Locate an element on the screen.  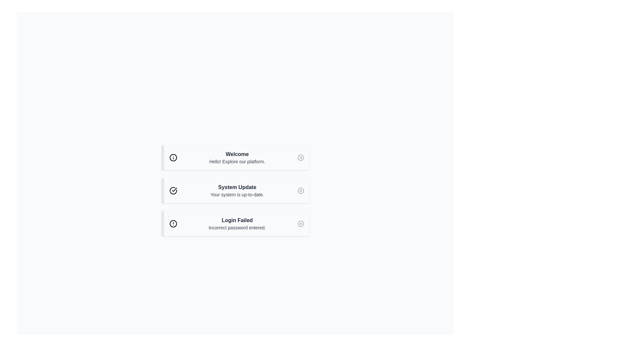
the informational alert box titled 'Login Failed' with the message 'Incorrect password entered.' by clicking on it is located at coordinates (235, 223).